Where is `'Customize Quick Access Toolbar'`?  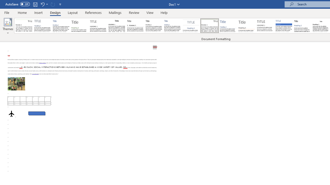 'Customize Quick Access Toolbar' is located at coordinates (60, 4).